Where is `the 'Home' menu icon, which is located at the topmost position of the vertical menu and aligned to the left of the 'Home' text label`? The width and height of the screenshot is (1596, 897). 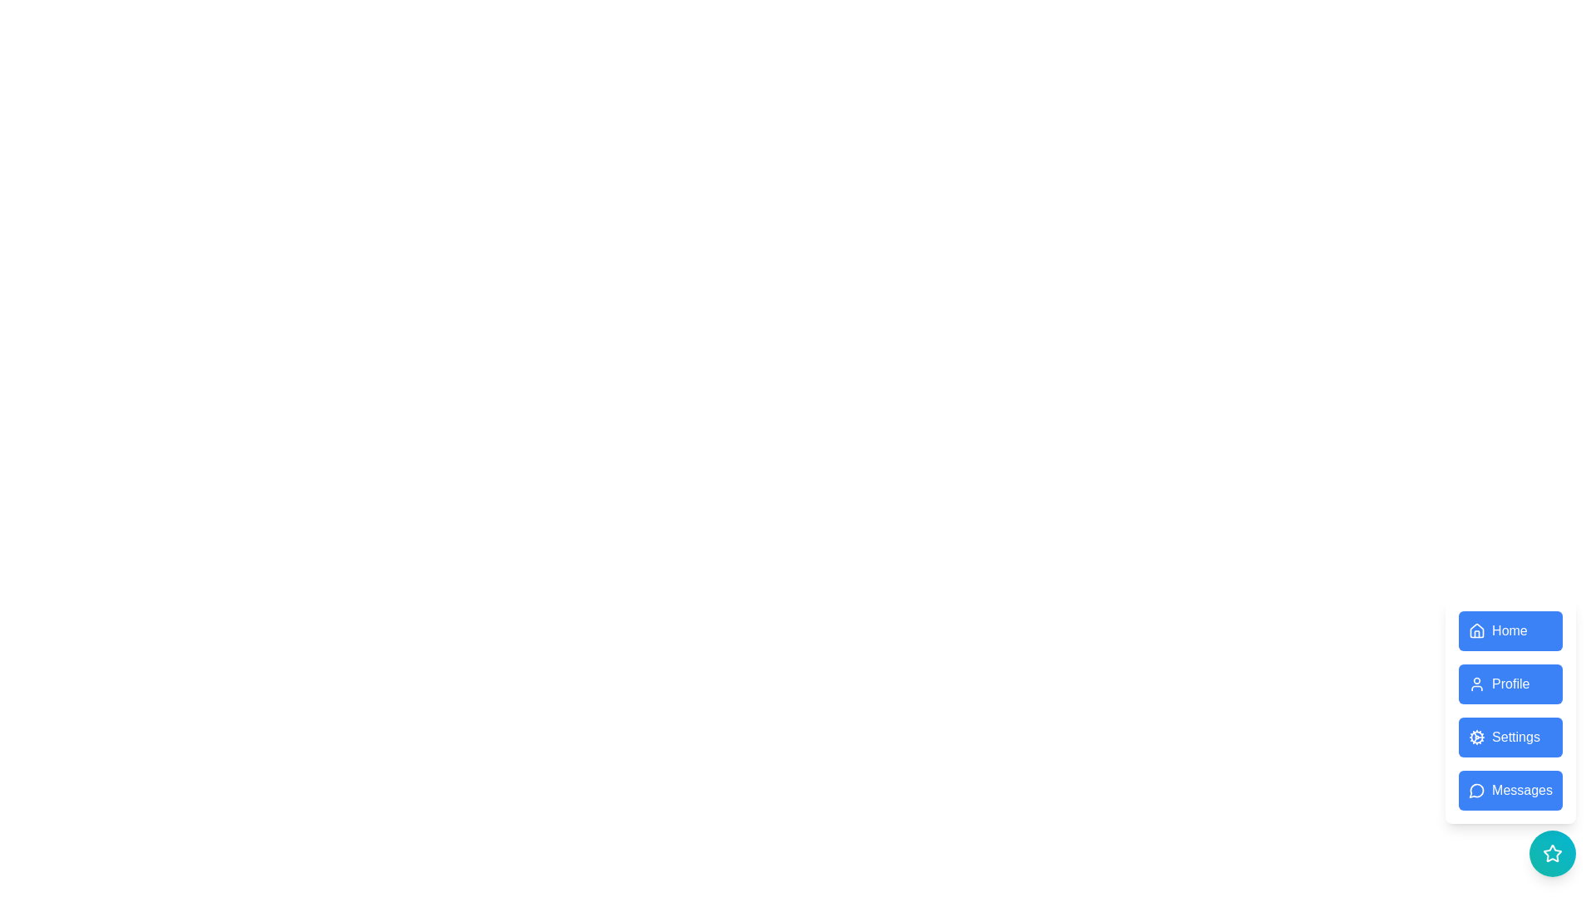
the 'Home' menu icon, which is located at the topmost position of the vertical menu and aligned to the left of the 'Home' text label is located at coordinates (1477, 630).